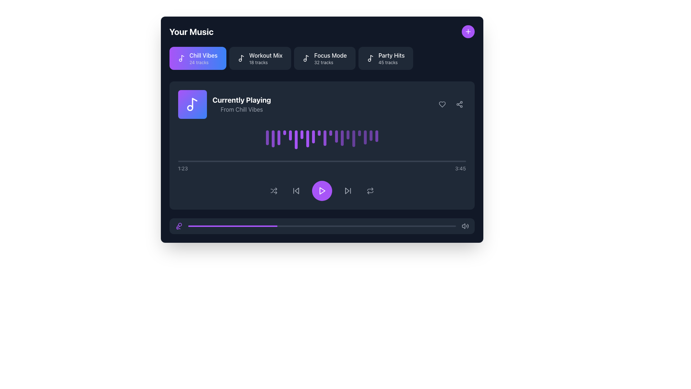 The width and height of the screenshot is (691, 389). I want to click on the vibrant purple microphone icon located in the lower-left part of the interface module, which is within a rounded rectangle and is the first element among its siblings, so click(179, 226).